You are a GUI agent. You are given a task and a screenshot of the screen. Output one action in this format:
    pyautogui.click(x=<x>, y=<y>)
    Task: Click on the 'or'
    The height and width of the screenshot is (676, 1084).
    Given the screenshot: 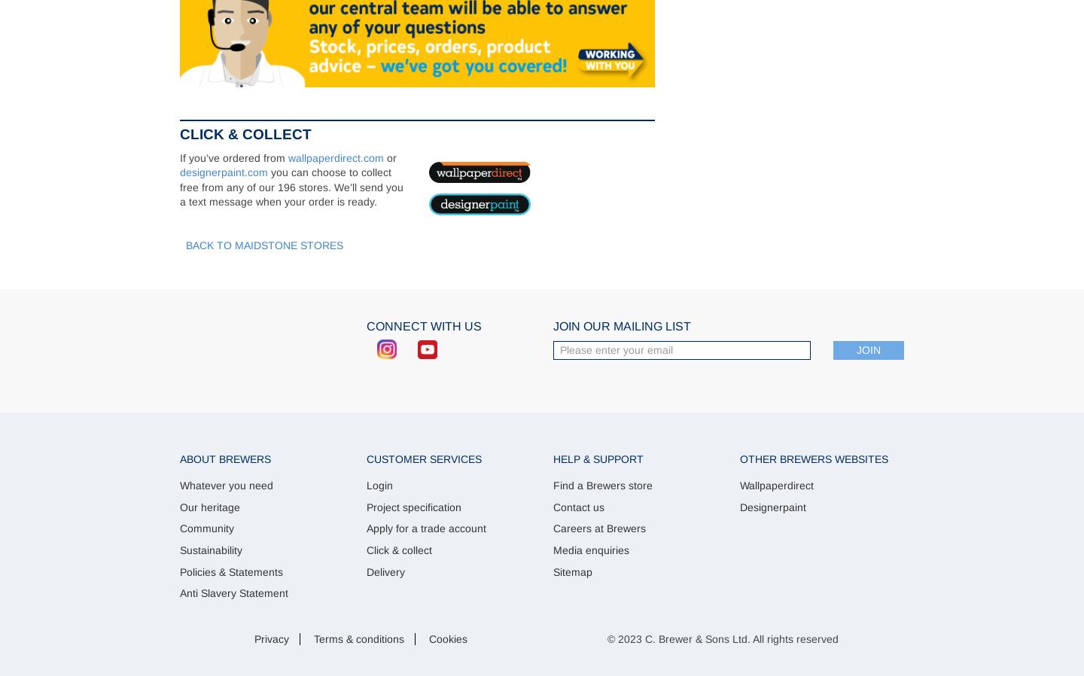 What is the action you would take?
    pyautogui.click(x=383, y=156)
    